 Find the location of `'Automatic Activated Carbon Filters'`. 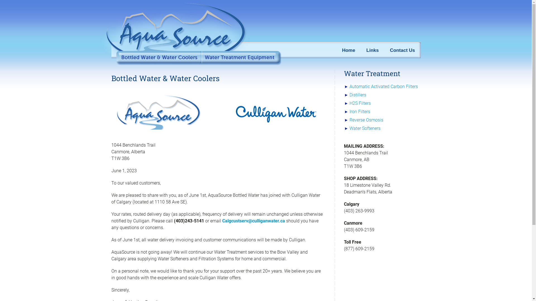

'Automatic Activated Carbon Filters' is located at coordinates (383, 86).